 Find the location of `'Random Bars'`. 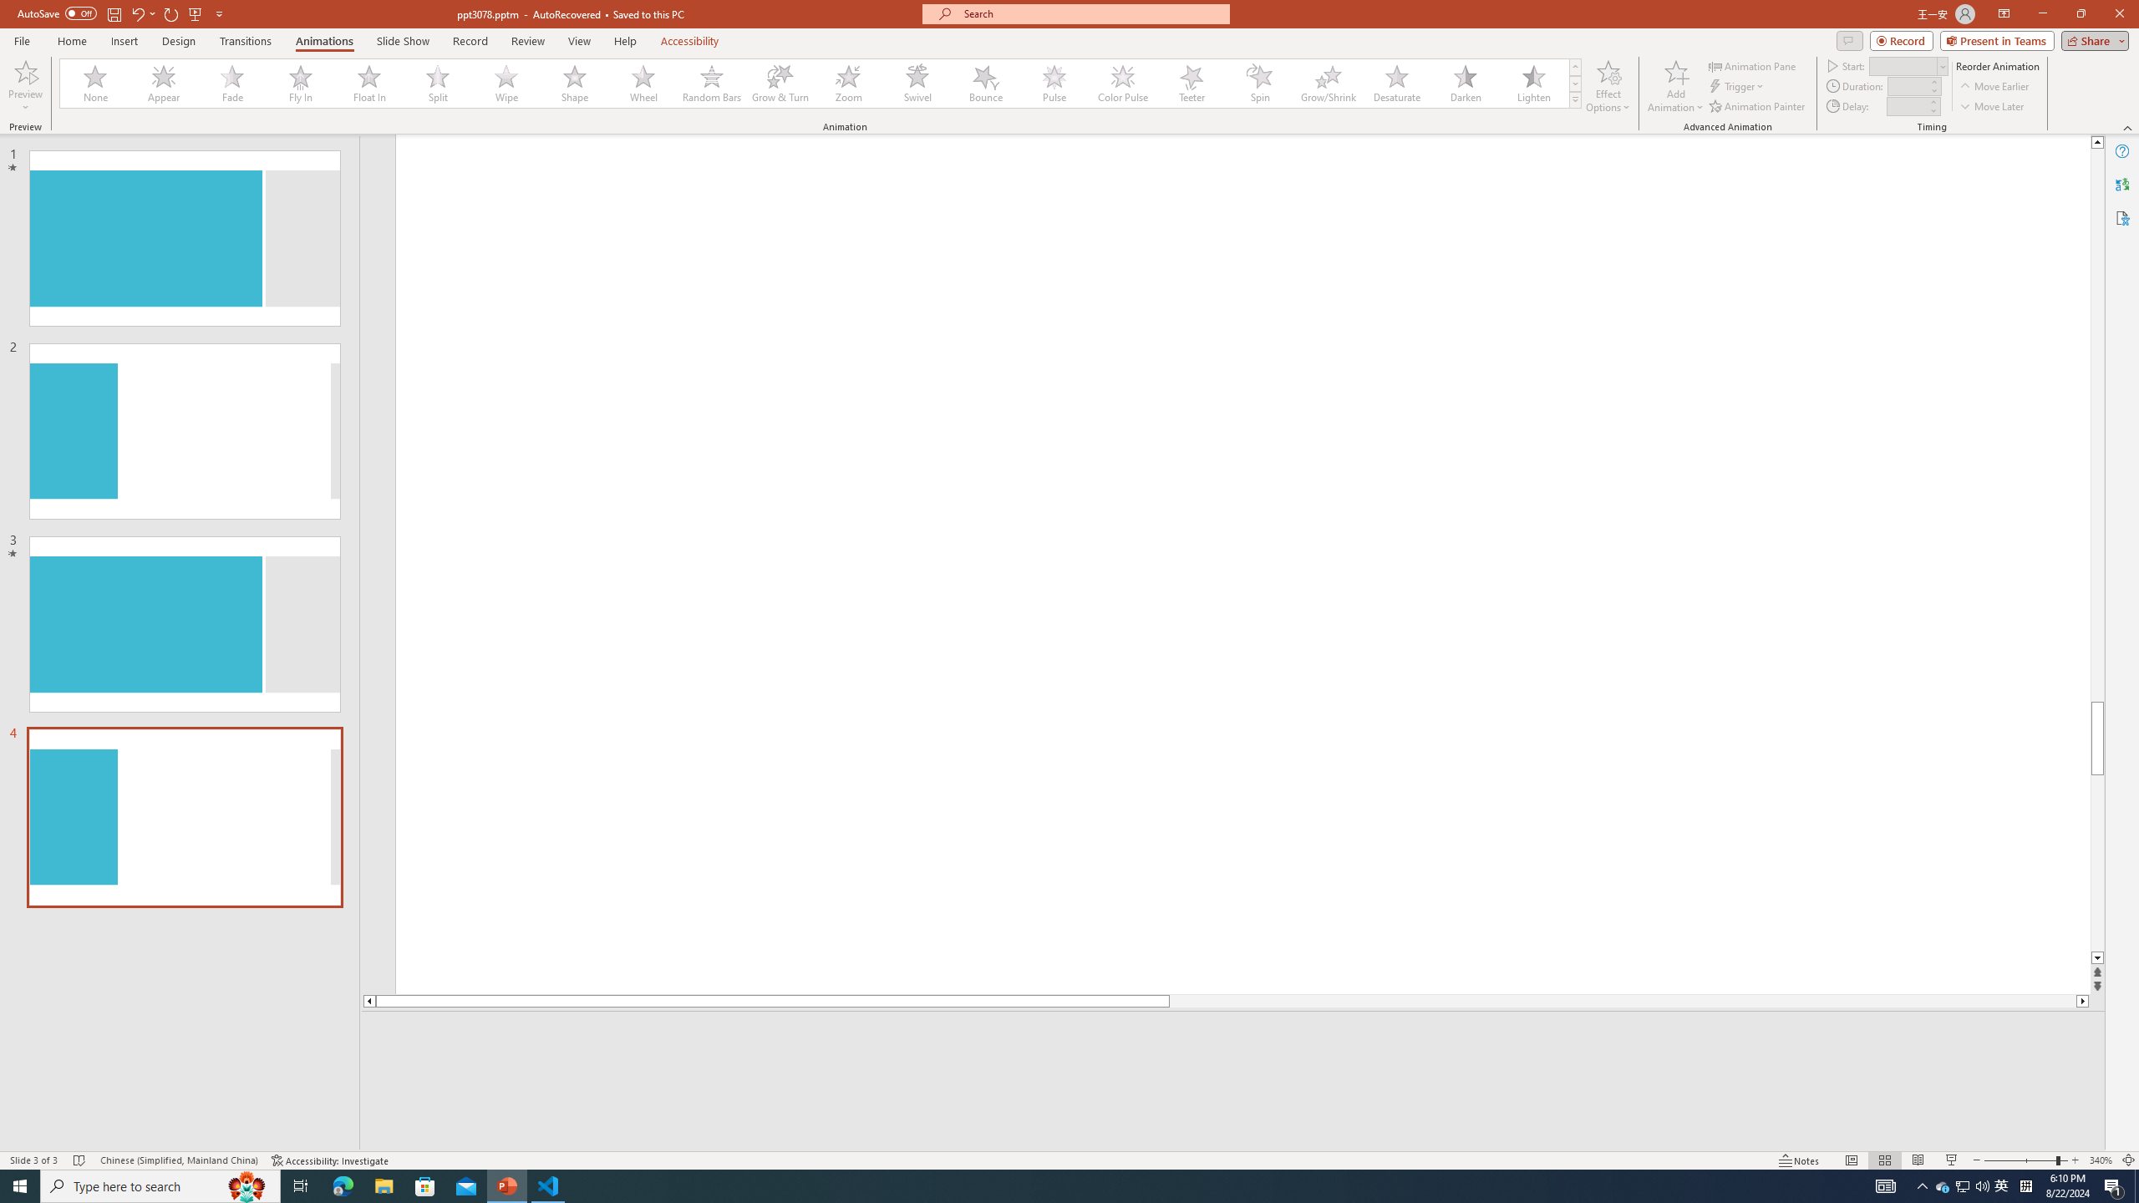

'Random Bars' is located at coordinates (711, 83).